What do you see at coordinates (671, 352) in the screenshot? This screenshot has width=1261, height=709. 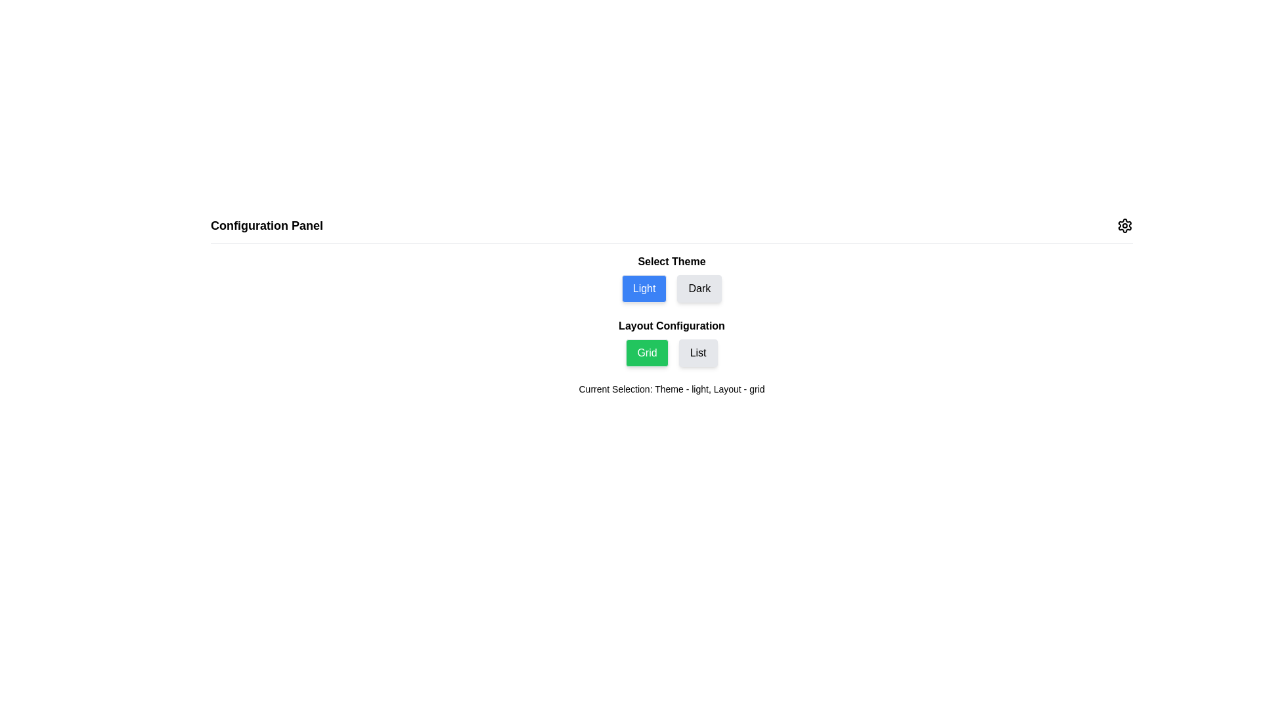 I see `the 'Grid' button in the Toggle button group located beneath the 'Layout Configuration' heading` at bounding box center [671, 352].